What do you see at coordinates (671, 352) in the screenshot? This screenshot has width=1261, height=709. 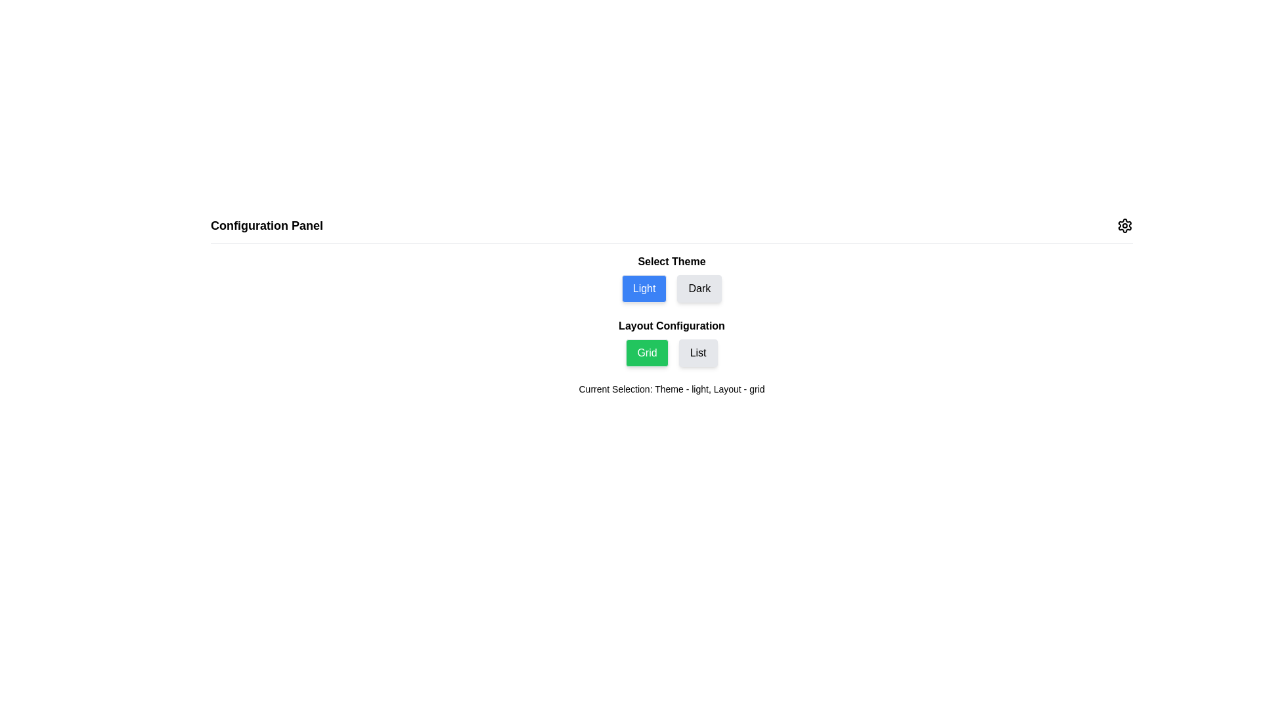 I see `the 'Grid' button in the Toggle button group located beneath the 'Layout Configuration' heading` at bounding box center [671, 352].